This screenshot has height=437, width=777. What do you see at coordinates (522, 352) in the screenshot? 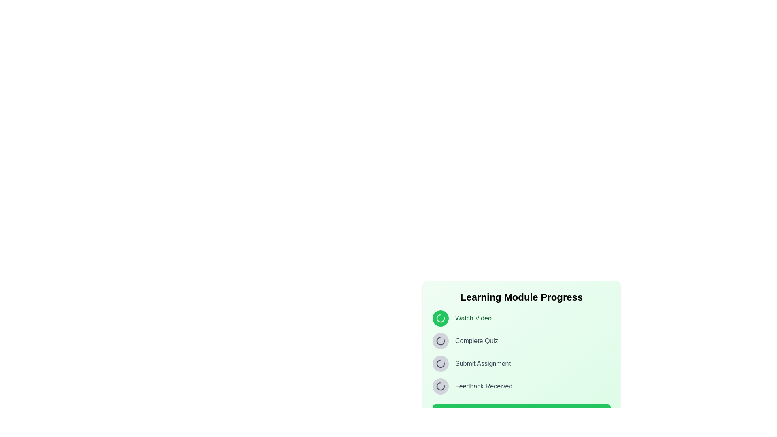
I see `the individual tasks in the vertical task list with progress indicators to interact with potential tooltips` at bounding box center [522, 352].